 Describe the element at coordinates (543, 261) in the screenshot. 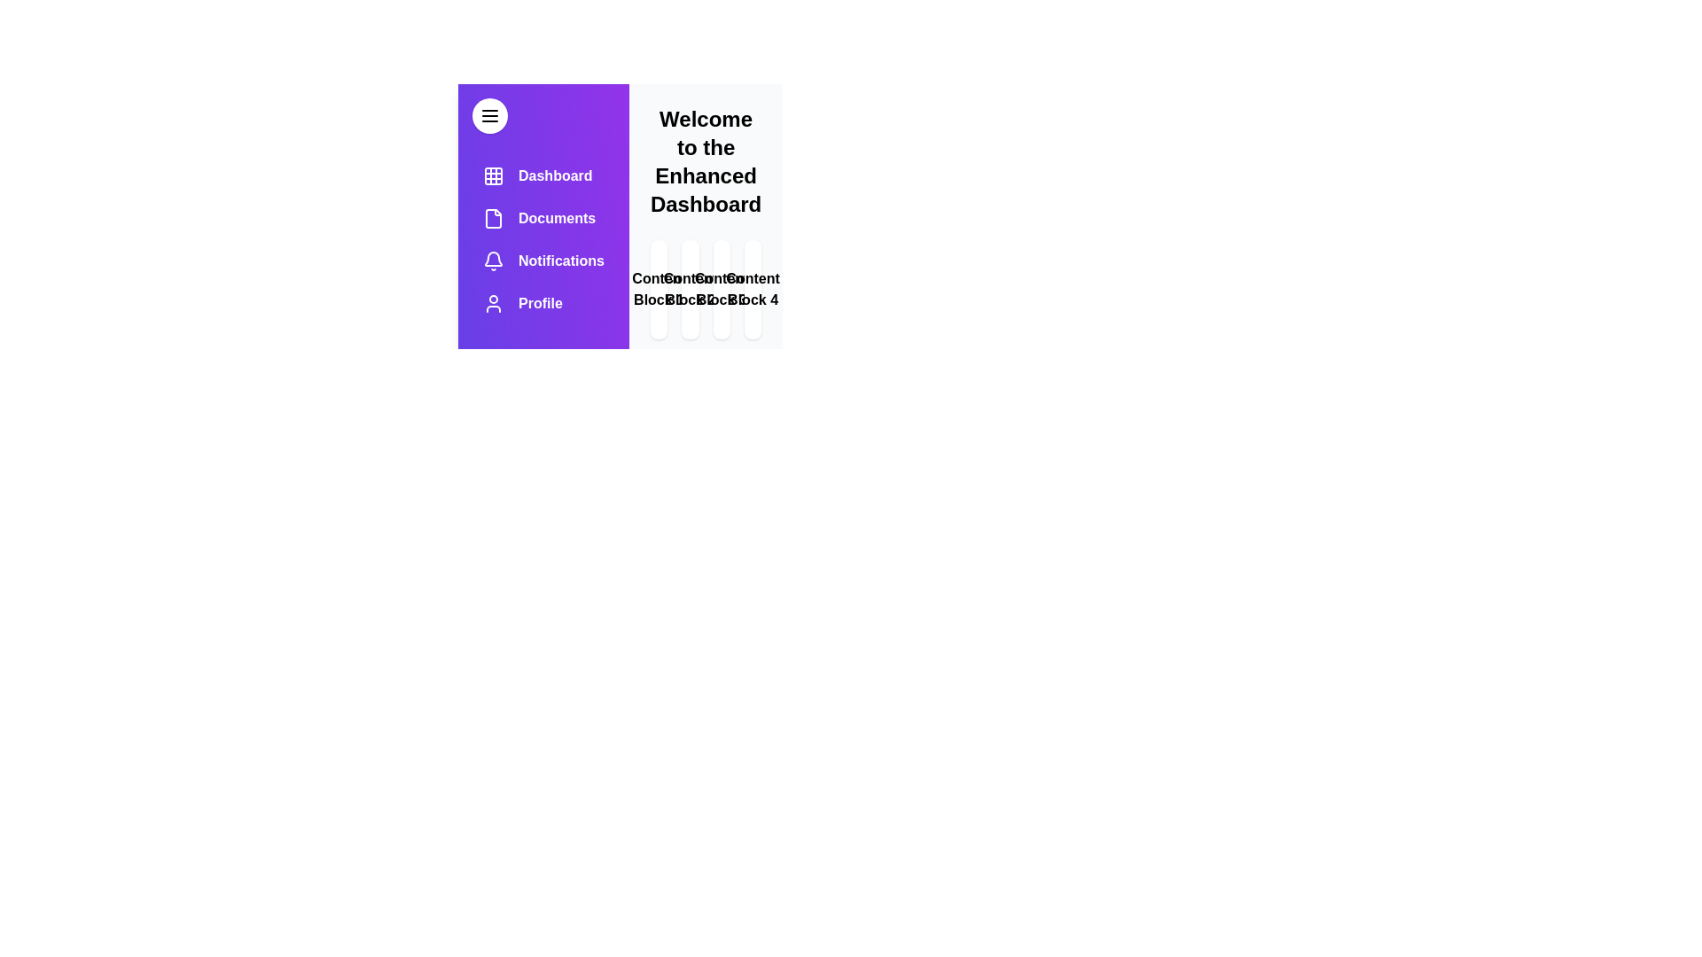

I see `the menu item Notifications from the drawer` at that location.